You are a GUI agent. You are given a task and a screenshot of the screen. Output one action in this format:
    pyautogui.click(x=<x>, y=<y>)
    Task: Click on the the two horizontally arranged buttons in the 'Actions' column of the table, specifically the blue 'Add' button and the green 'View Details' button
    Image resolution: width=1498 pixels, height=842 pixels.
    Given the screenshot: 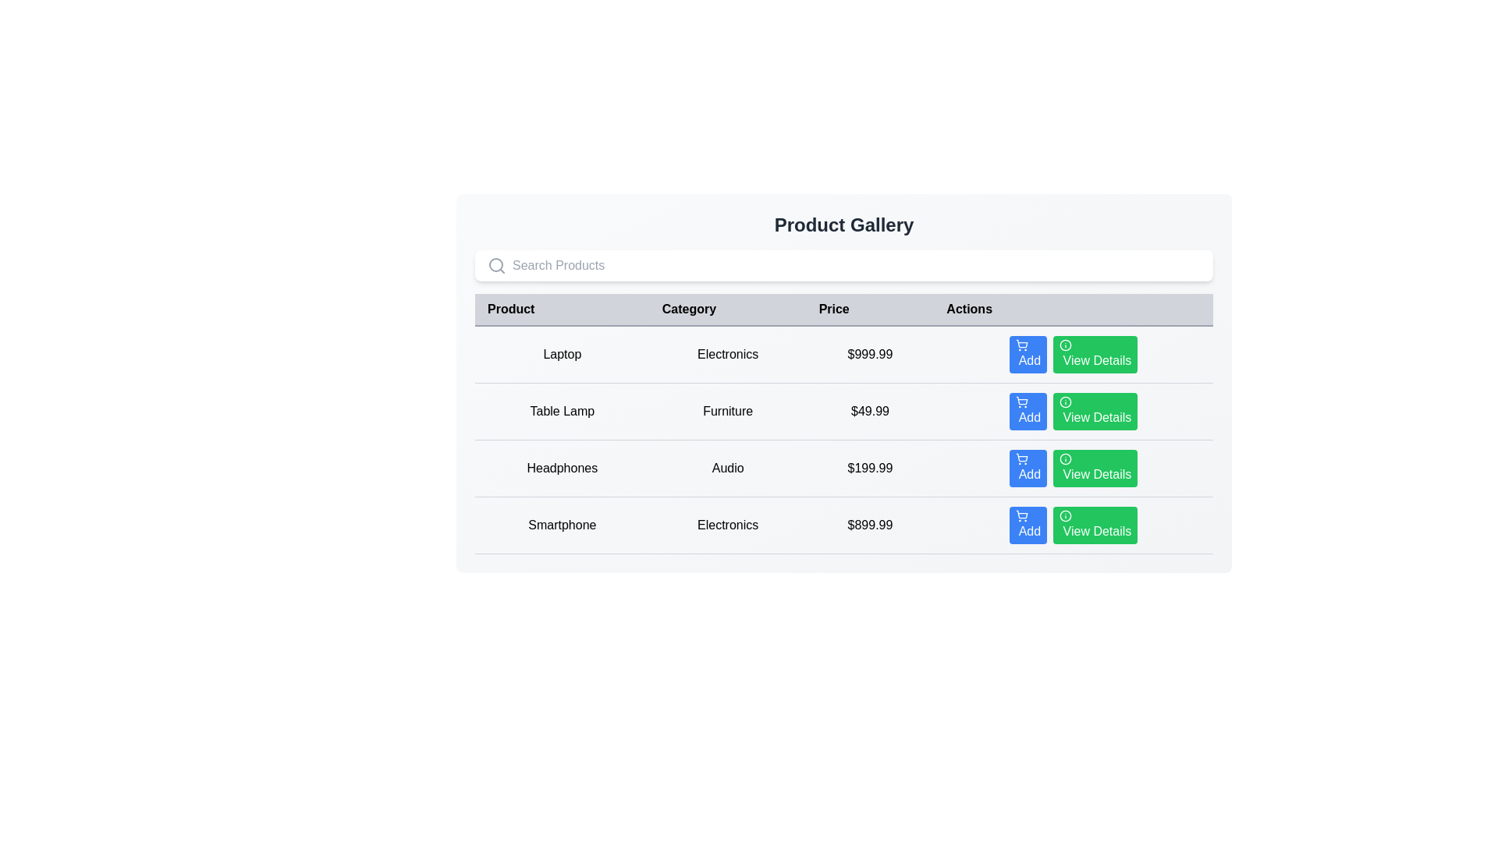 What is the action you would take?
    pyautogui.click(x=1073, y=354)
    